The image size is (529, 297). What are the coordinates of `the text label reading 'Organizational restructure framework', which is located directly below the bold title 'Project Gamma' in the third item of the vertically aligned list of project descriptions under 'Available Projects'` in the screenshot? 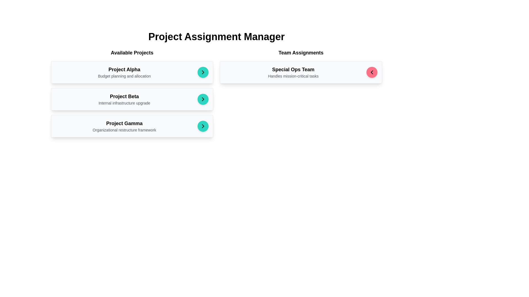 It's located at (124, 130).